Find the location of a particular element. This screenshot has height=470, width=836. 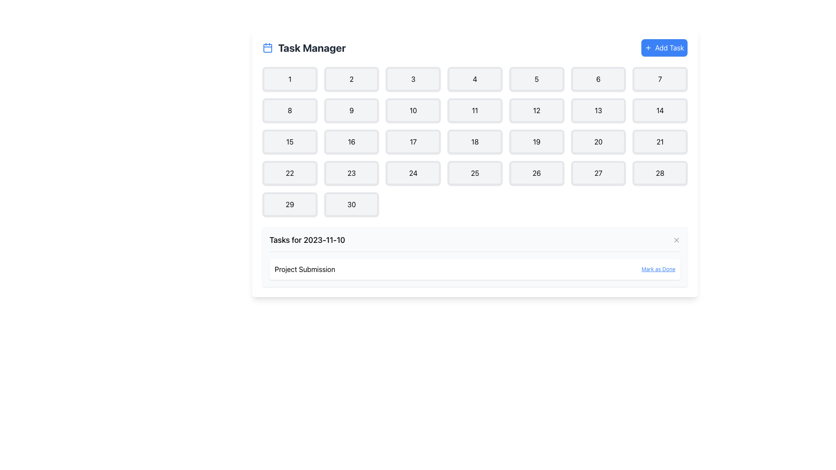

the interactive calendar cell representing the 22nd day of the month located in the fourth row and first column of the calendar grid under the 'Task Manager' header is located at coordinates (290, 173).